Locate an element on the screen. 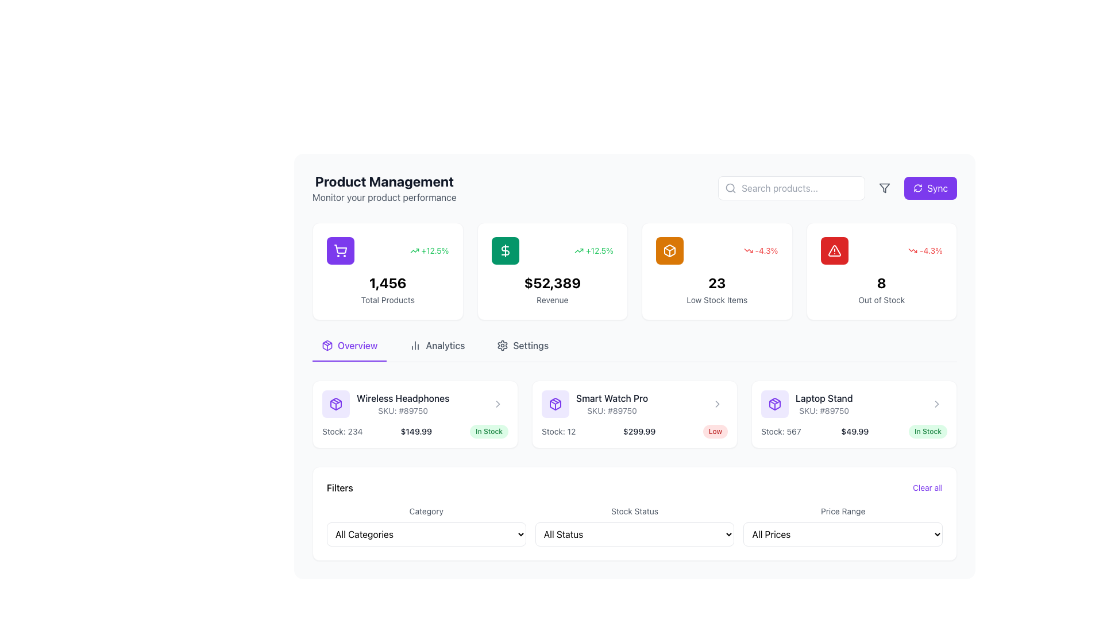  the percentage value element displaying '-4.3%' in red font, which is accompanied by a small downward-trending icon, located in the top-right section of the dashboard within the '8 Out of Stock' card is located at coordinates (881, 250).